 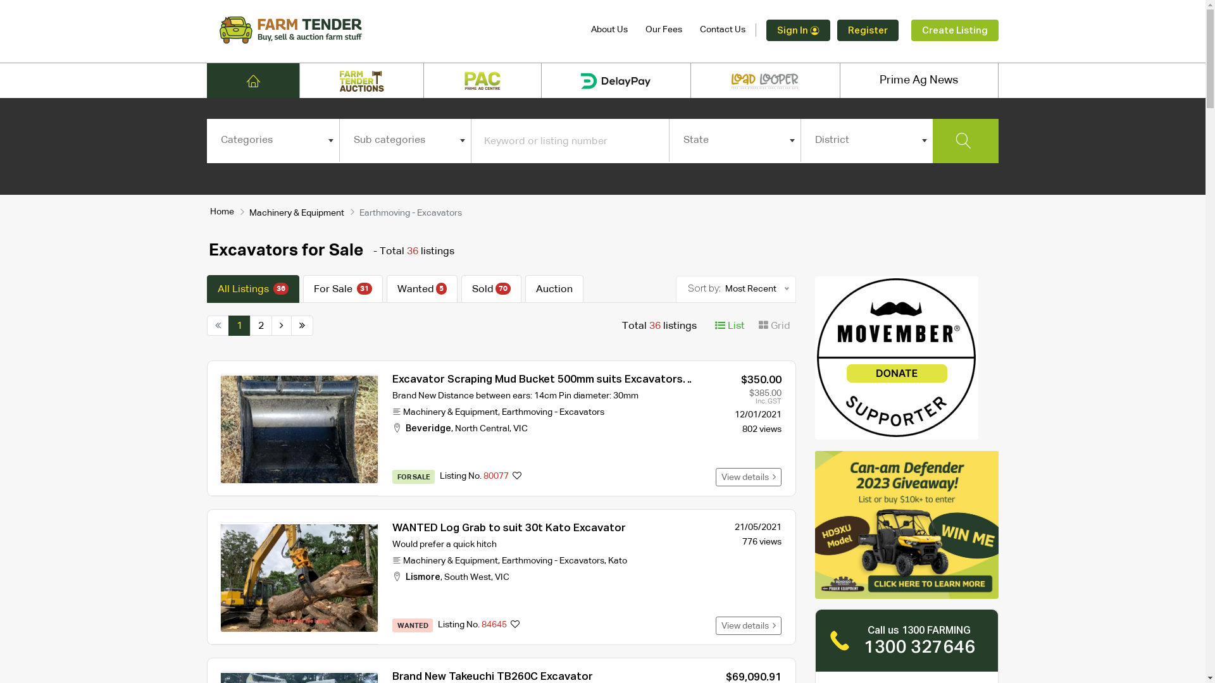 I want to click on 'List', so click(x=730, y=325).